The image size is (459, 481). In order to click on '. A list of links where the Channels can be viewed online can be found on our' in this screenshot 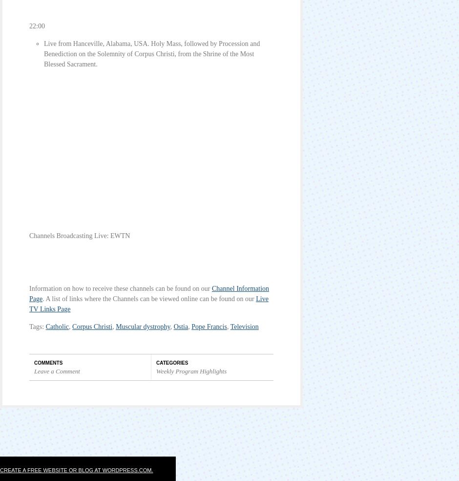, I will do `click(42, 298)`.